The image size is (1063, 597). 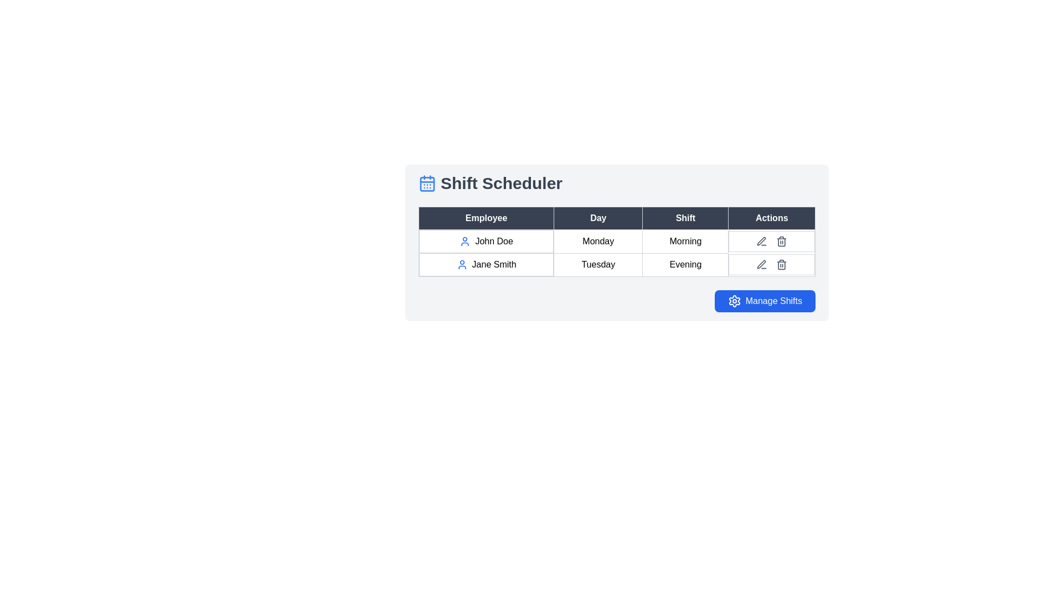 I want to click on the edit icon in the 'Actions' column of the second row in the table to modify the data for 'Jane Smith', so click(x=761, y=240).